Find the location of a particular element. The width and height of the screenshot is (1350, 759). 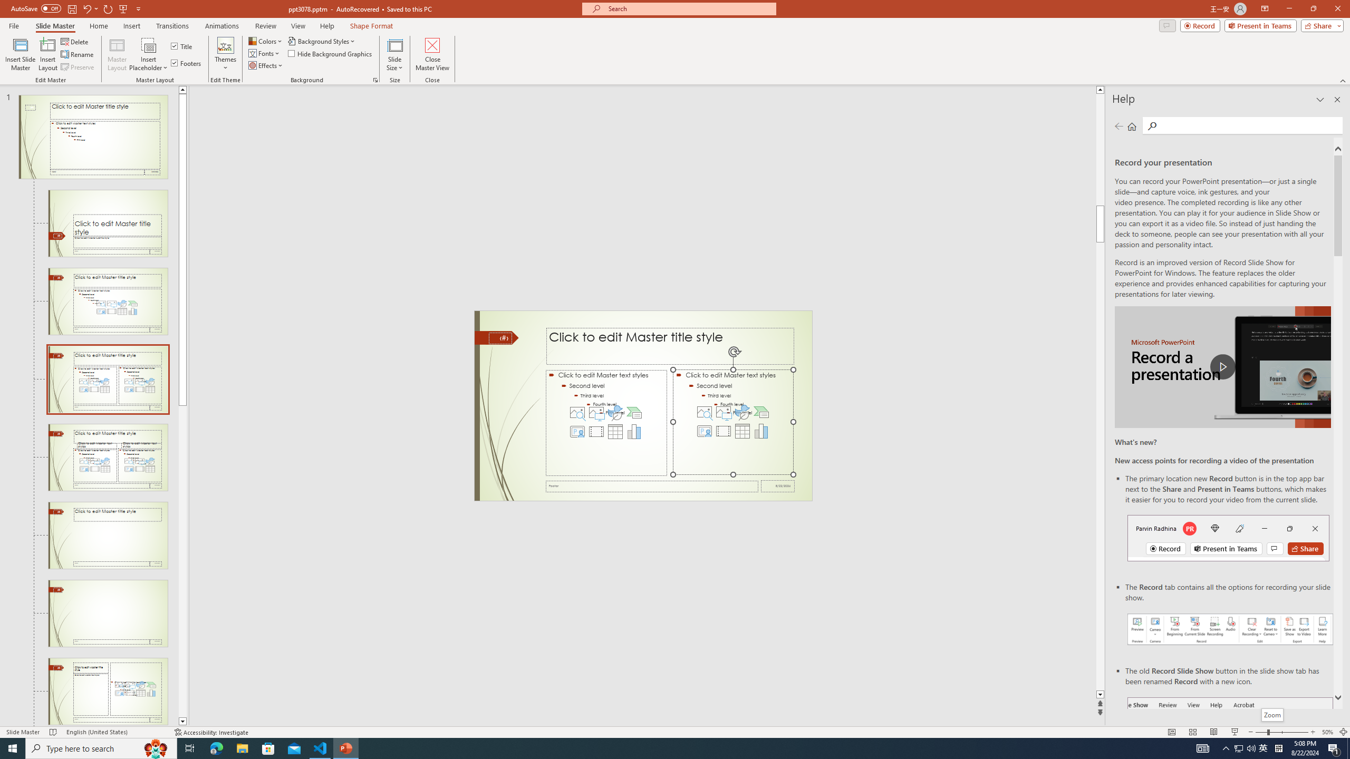

'Insert Table' is located at coordinates (742, 430).